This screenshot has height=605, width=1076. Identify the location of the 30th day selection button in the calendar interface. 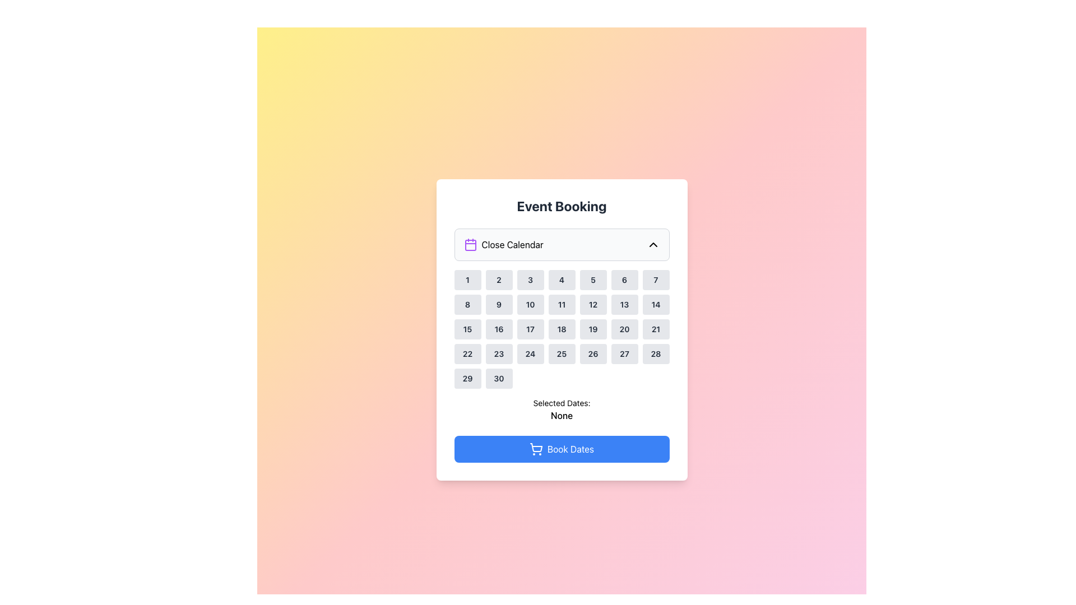
(498, 378).